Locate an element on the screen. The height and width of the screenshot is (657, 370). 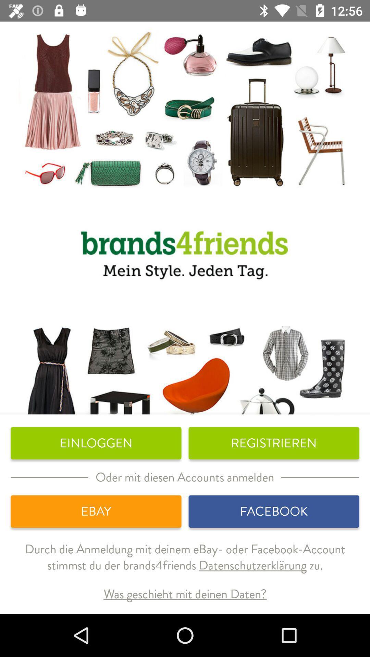
einloggen icon is located at coordinates (96, 443).